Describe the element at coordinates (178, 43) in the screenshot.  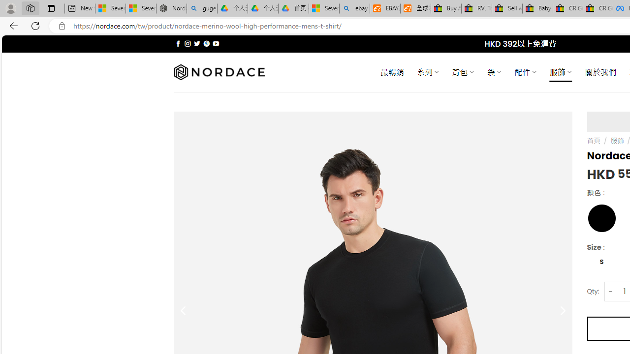
I see `'Follow on Facebook'` at that location.